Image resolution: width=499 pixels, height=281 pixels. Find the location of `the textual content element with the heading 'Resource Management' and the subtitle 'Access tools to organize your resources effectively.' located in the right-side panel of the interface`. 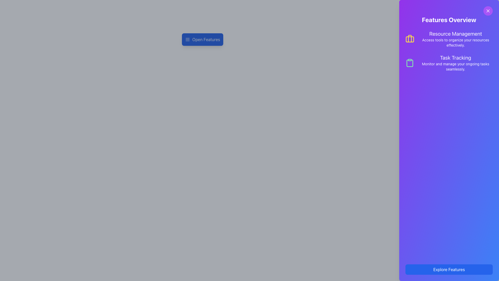

the textual content element with the heading 'Resource Management' and the subtitle 'Access tools to organize your resources effectively.' located in the right-side panel of the interface is located at coordinates (455, 39).